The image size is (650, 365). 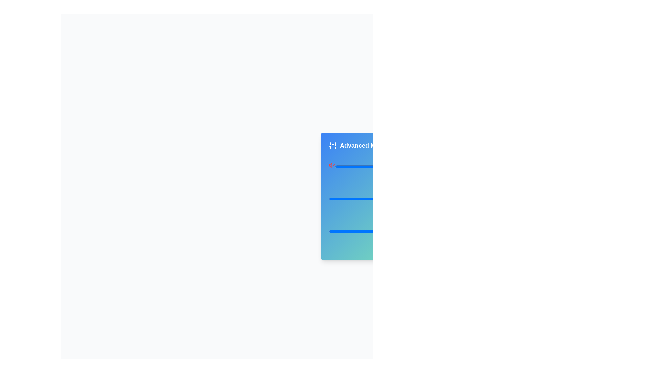 I want to click on the slider, so click(x=337, y=231).